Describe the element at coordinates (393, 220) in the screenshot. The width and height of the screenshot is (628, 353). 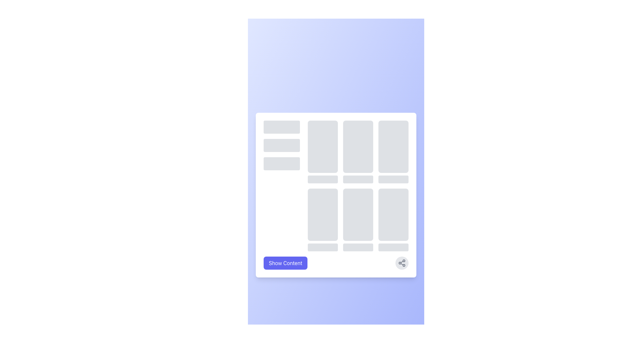
I see `the card-like UI component located in the bottom-right of the grid layout, which is currently empty and serves as a decorative element` at that location.